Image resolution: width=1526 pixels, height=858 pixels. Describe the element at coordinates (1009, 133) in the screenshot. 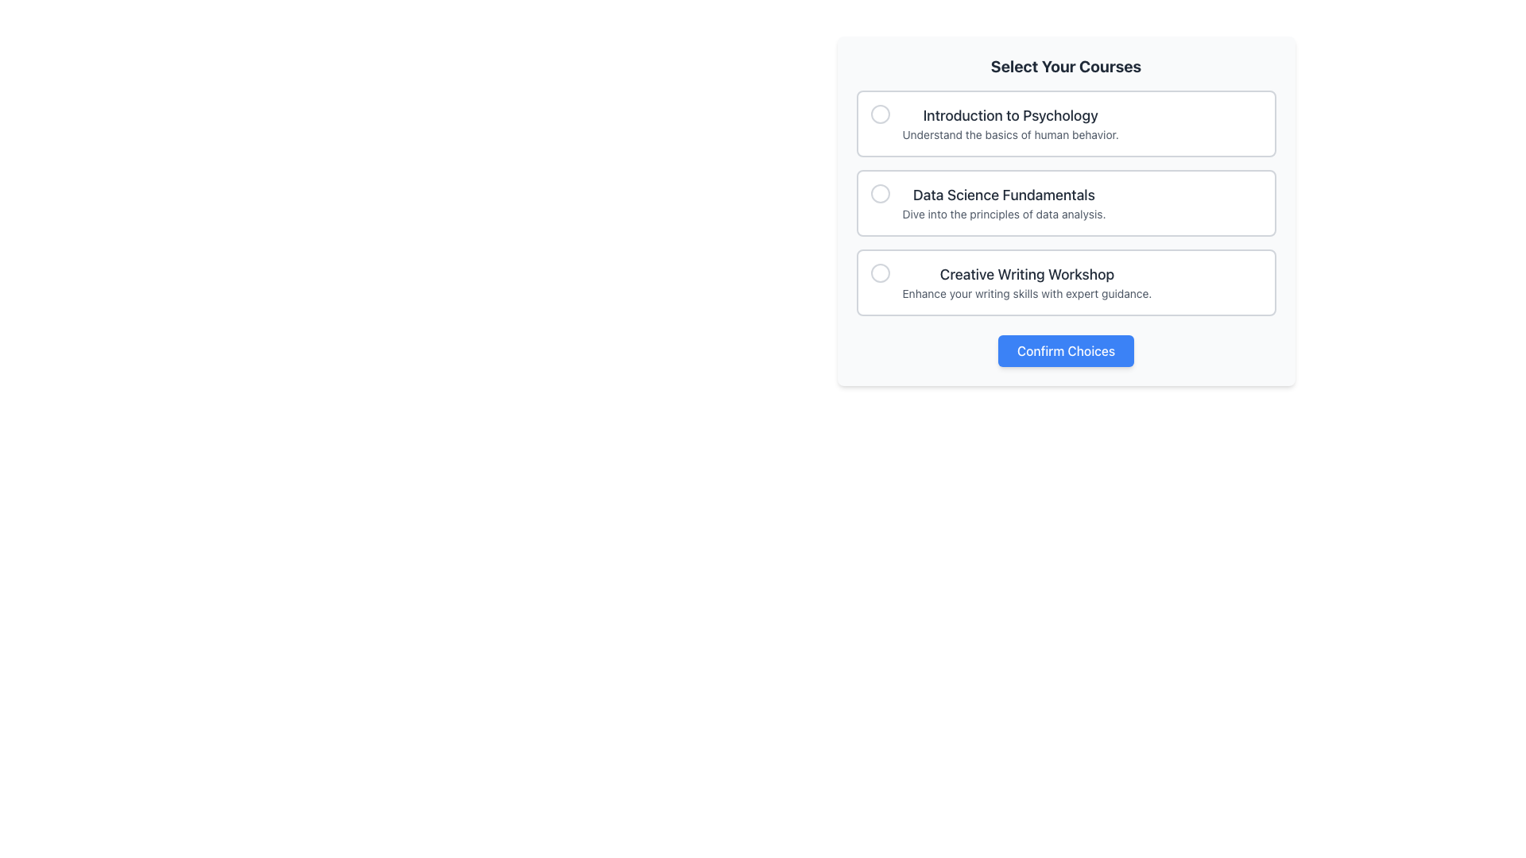

I see `the static text element that provides additional information for the 'Introduction to Psychology' course, which is located directly below the heading within the 'Select Your Courses' section` at that location.